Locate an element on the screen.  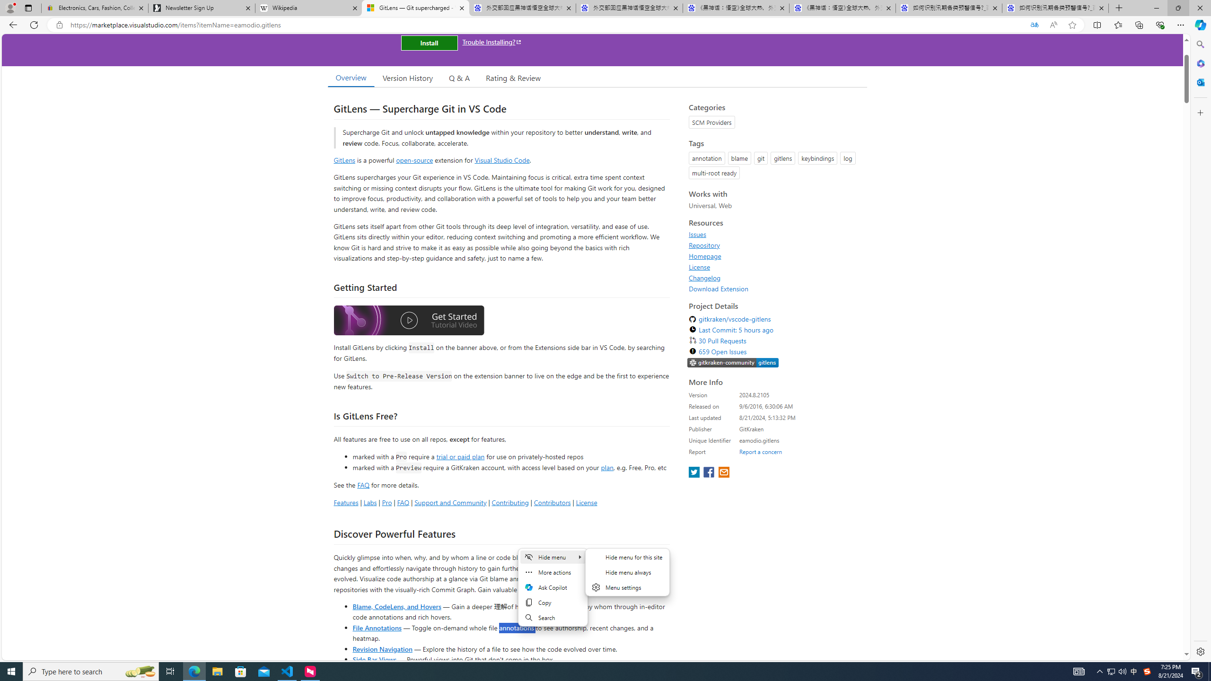
'Version History' is located at coordinates (407, 78).